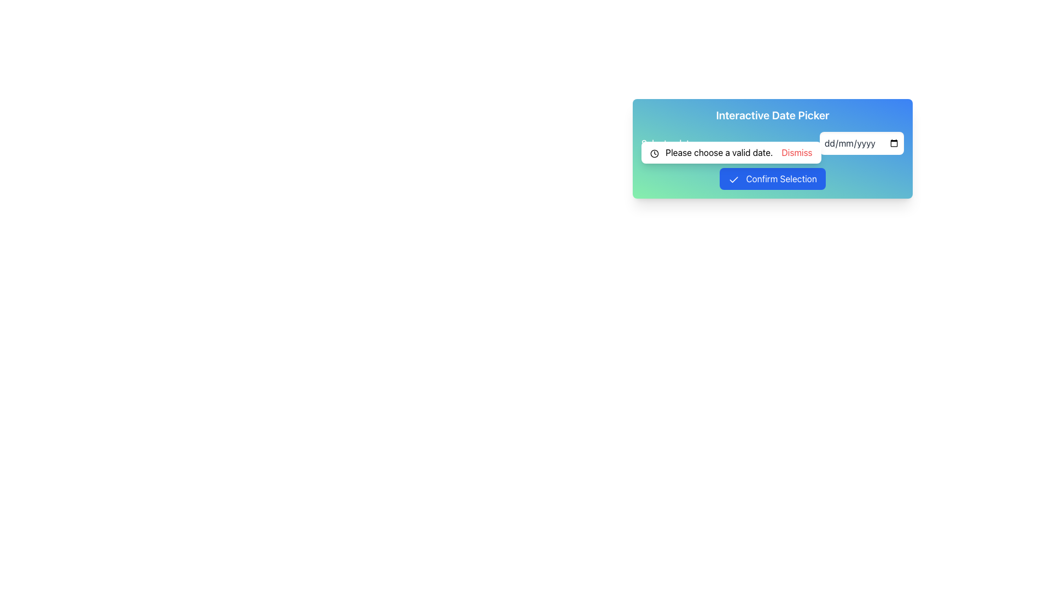  I want to click on checkmark icon, which is a minimalist design with a linear outline located in the top-right area of the interactive date picker interface, to the left of the text indicating a completed action, so click(734, 179).